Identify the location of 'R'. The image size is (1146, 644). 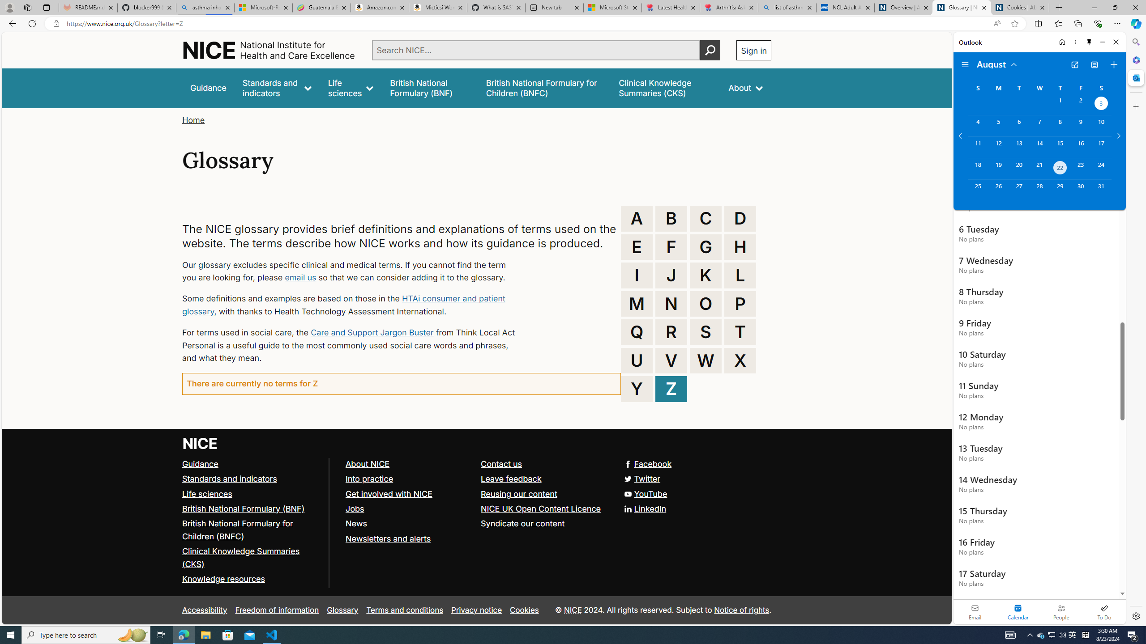
(671, 332).